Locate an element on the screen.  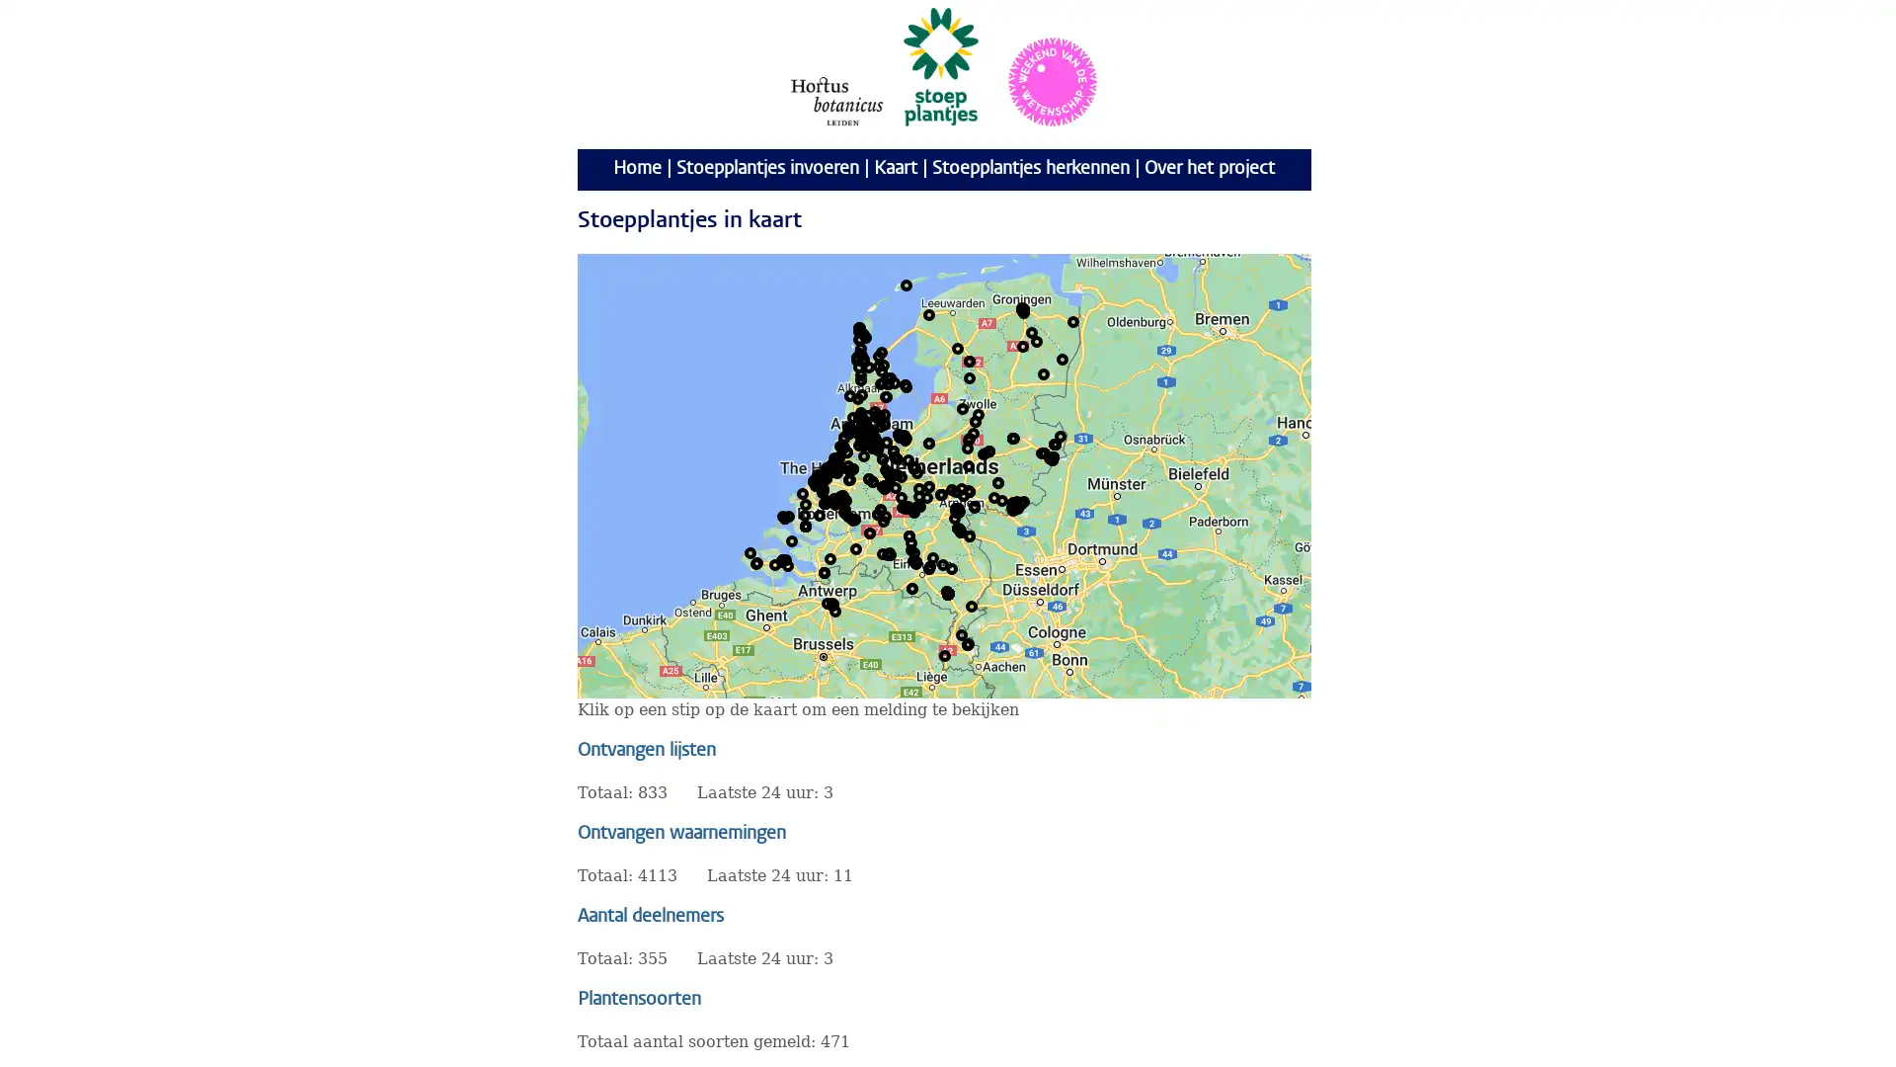
Telling van Tusnelda op 19 oktober 2021 is located at coordinates (1001, 498).